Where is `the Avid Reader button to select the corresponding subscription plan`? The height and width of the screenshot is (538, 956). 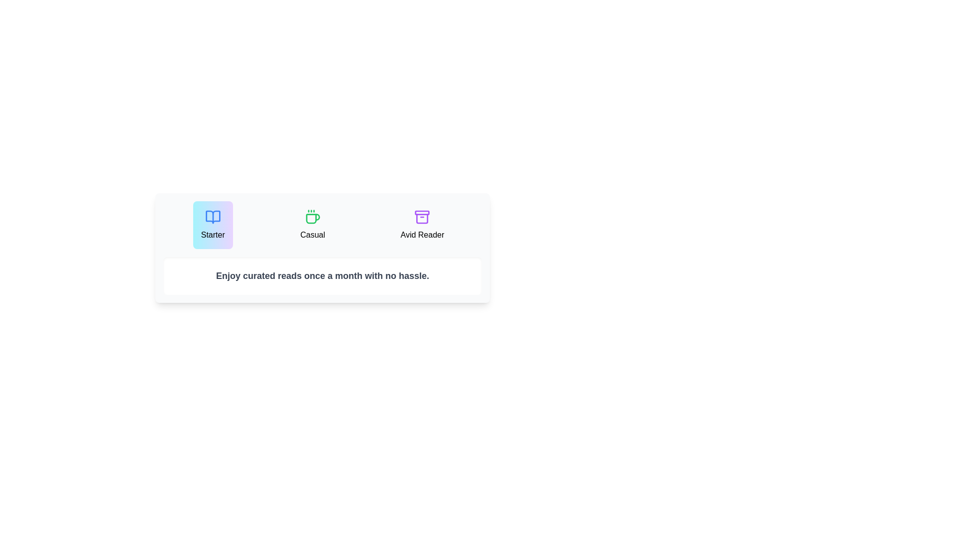
the Avid Reader button to select the corresponding subscription plan is located at coordinates (422, 225).